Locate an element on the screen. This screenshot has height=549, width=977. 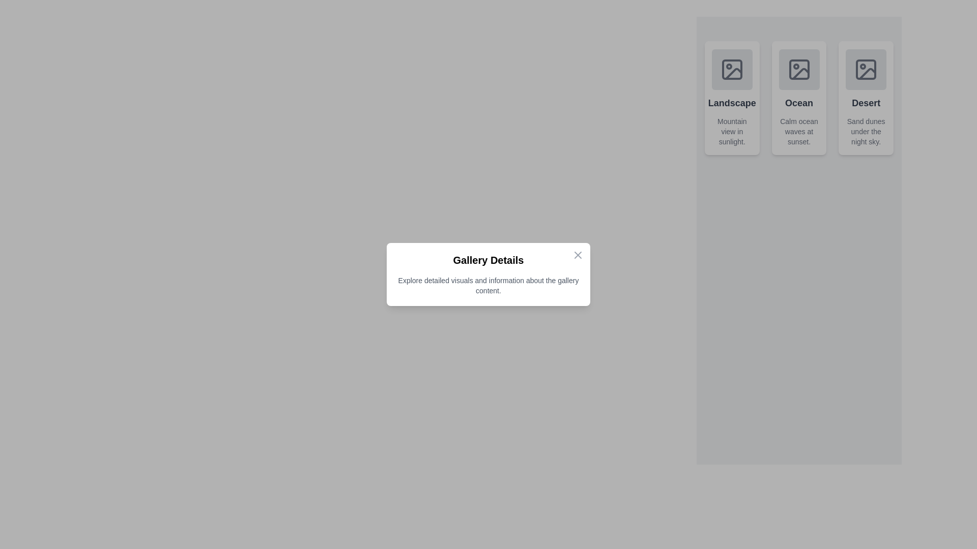
text label displaying 'Desert' which is bold and large, located centrally above the subtitle in the third card from the left is located at coordinates (866, 103).